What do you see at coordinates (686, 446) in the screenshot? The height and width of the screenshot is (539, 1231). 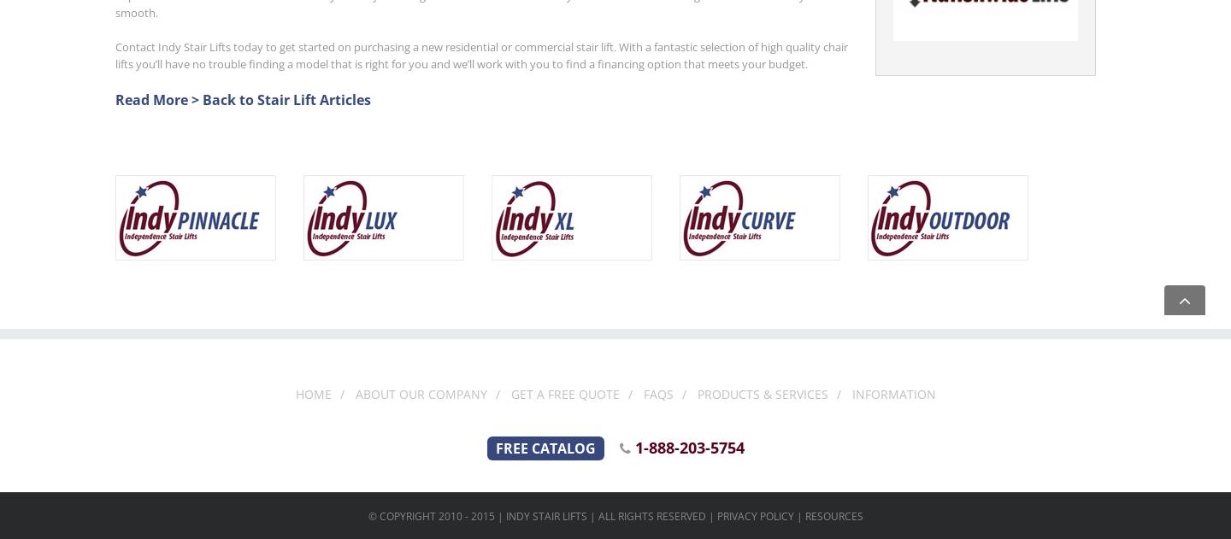 I see `'1-888-203-5754'` at bounding box center [686, 446].